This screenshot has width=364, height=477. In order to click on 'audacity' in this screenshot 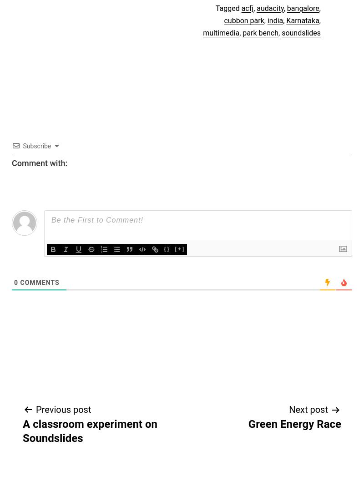, I will do `click(269, 7)`.